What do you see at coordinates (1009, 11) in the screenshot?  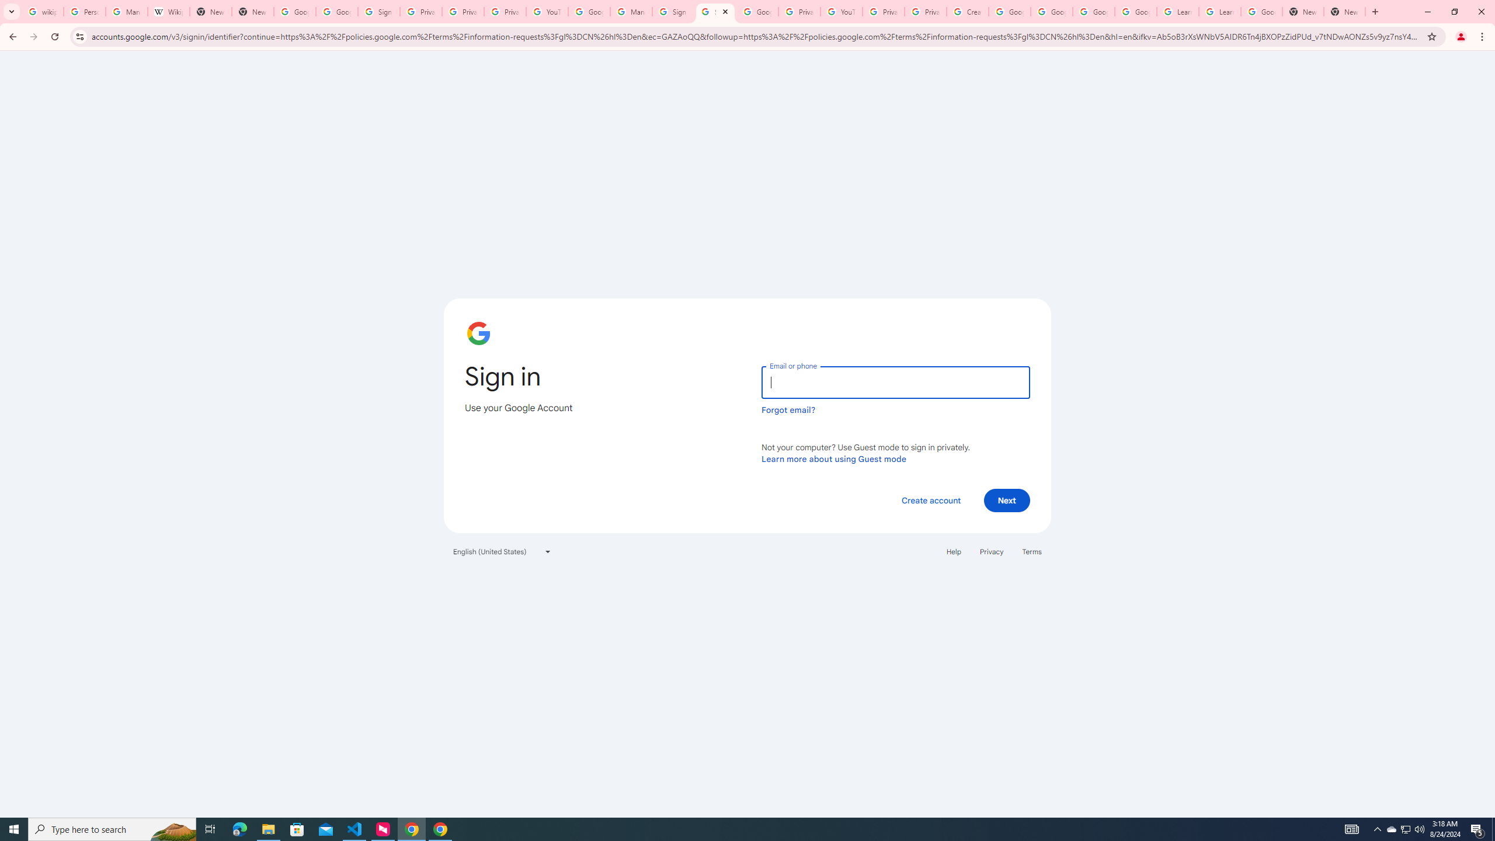 I see `'Google Account Help'` at bounding box center [1009, 11].